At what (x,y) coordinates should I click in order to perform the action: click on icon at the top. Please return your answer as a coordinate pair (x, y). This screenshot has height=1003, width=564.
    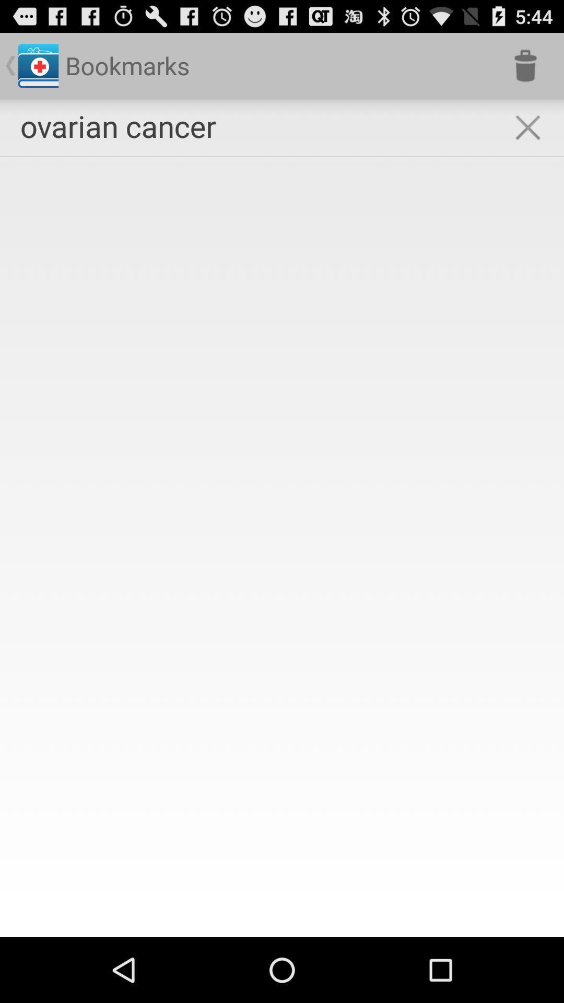
    Looking at the image, I should click on (282, 156).